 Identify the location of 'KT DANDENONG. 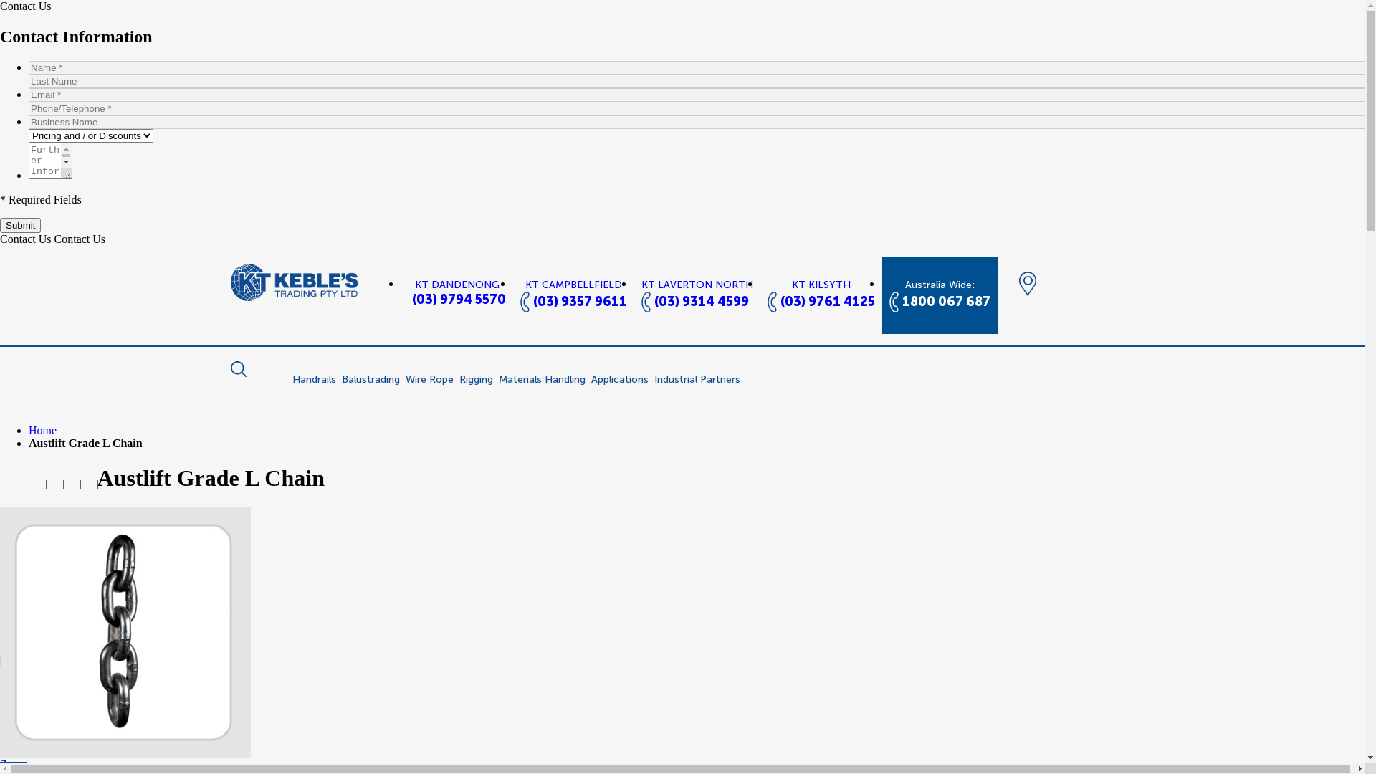
(457, 292).